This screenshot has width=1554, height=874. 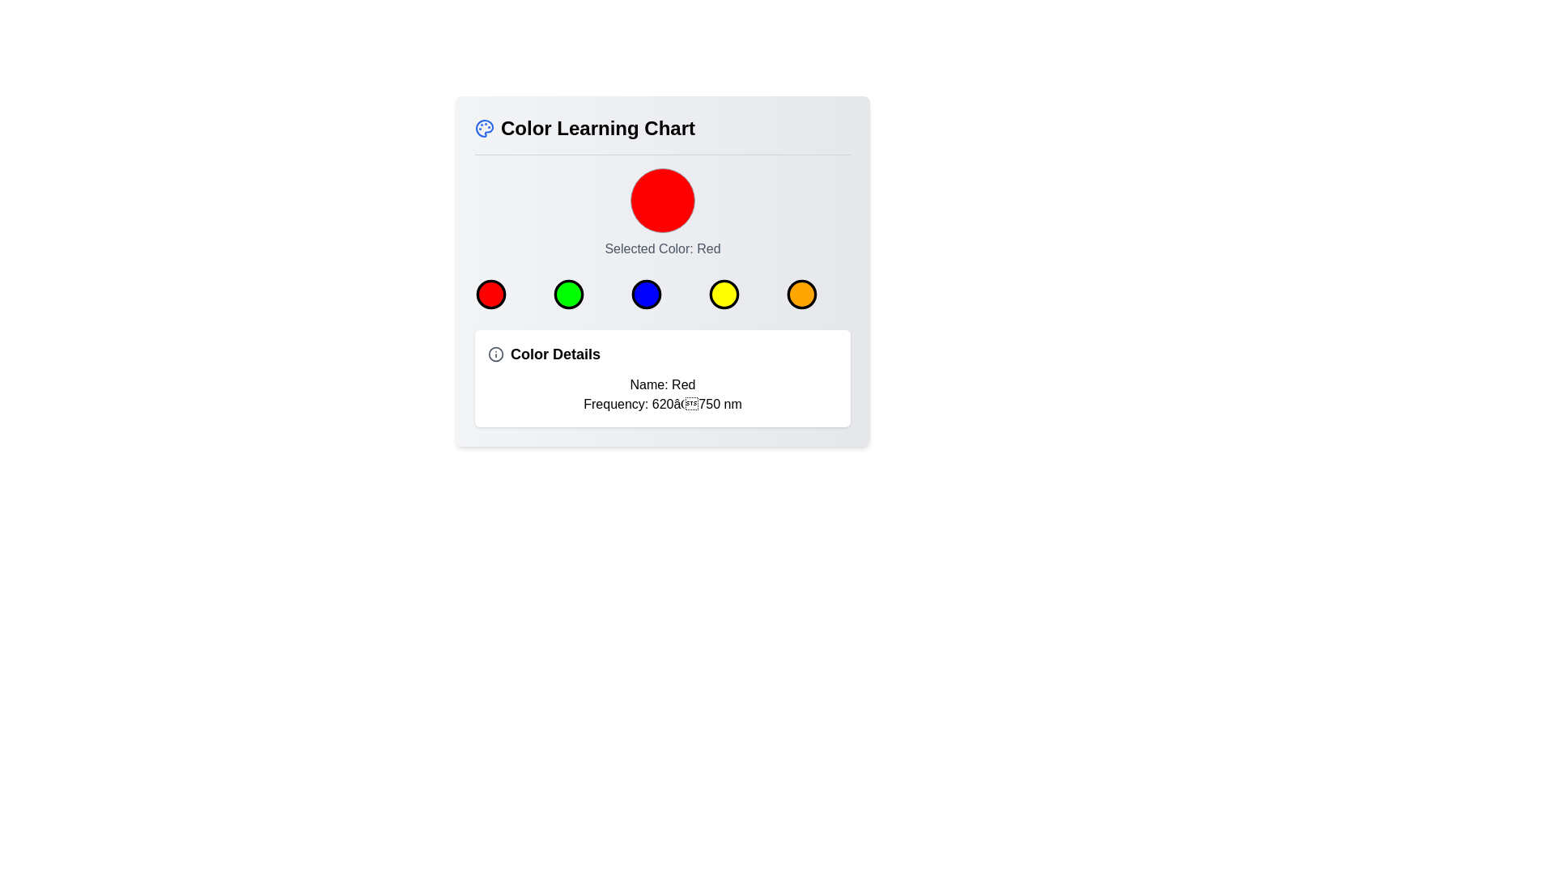 What do you see at coordinates (663, 404) in the screenshot?
I see `the text label displaying 'Frequency: 620–750 nm', which is located within the 'Color Details' section, directly below 'Name: Red'` at bounding box center [663, 404].